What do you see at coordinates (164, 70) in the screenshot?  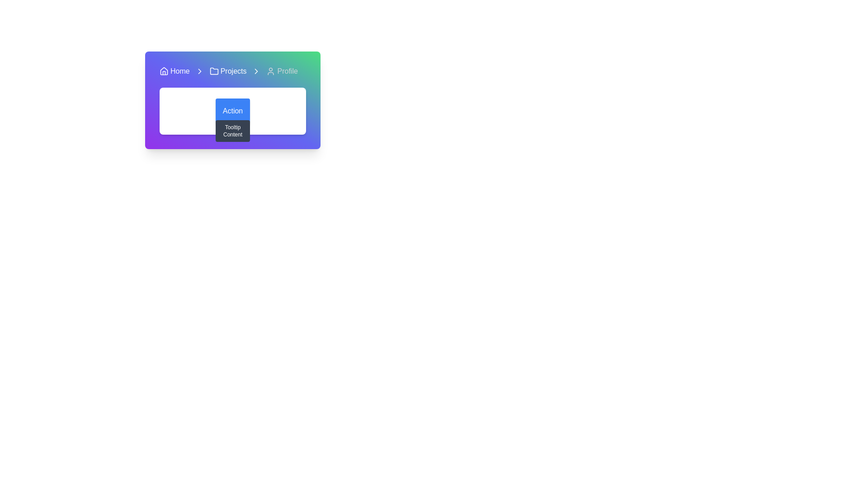 I see `the house icon in the top left section of the navigation bar` at bounding box center [164, 70].